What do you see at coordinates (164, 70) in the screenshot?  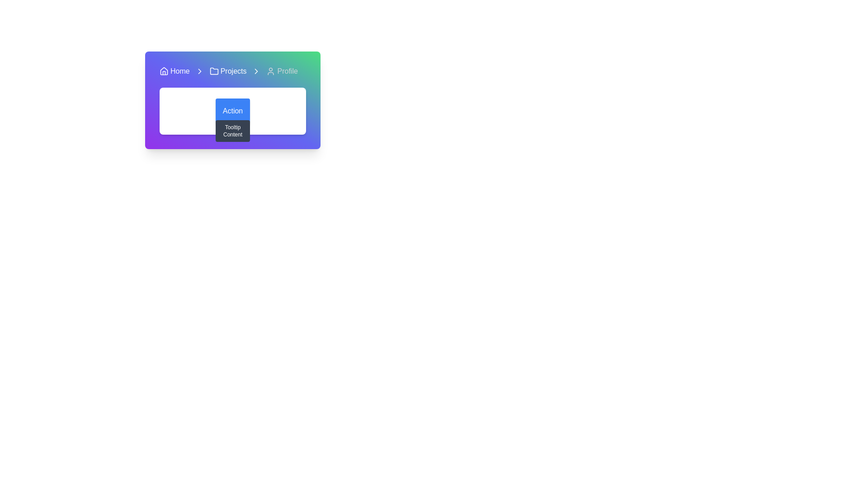 I see `the house icon in the top left section of the navigation bar` at bounding box center [164, 70].